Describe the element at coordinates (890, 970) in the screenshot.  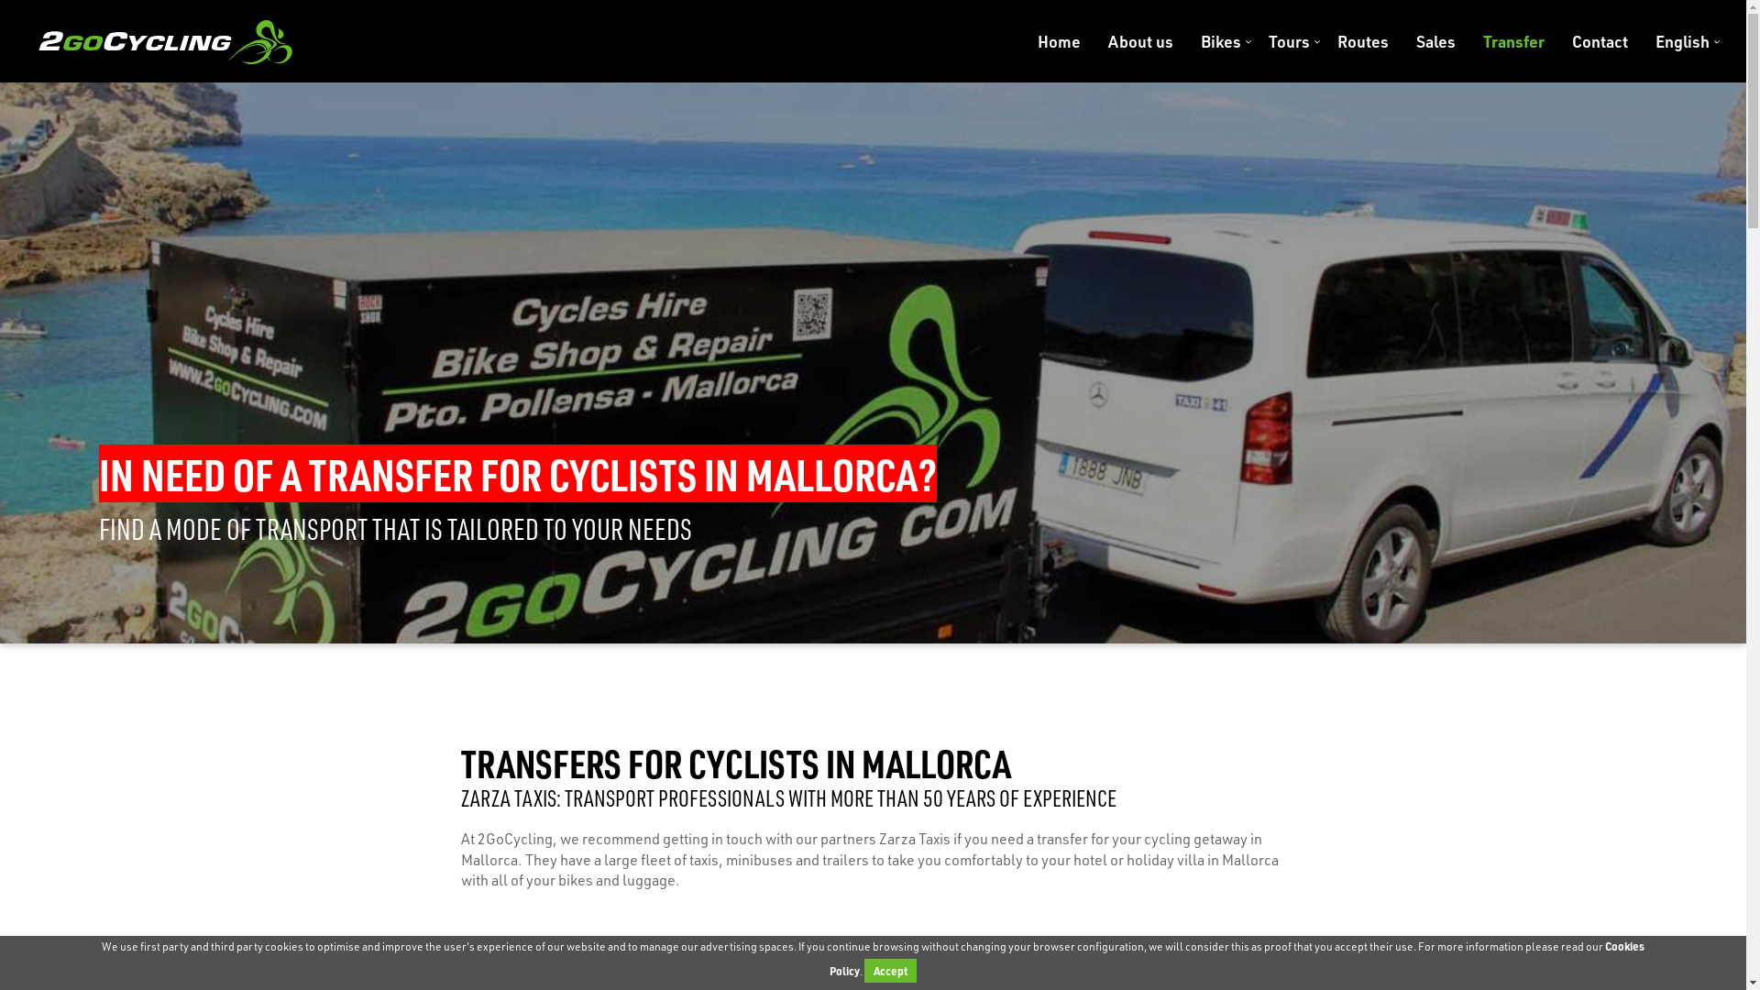
I see `'Accept'` at that location.